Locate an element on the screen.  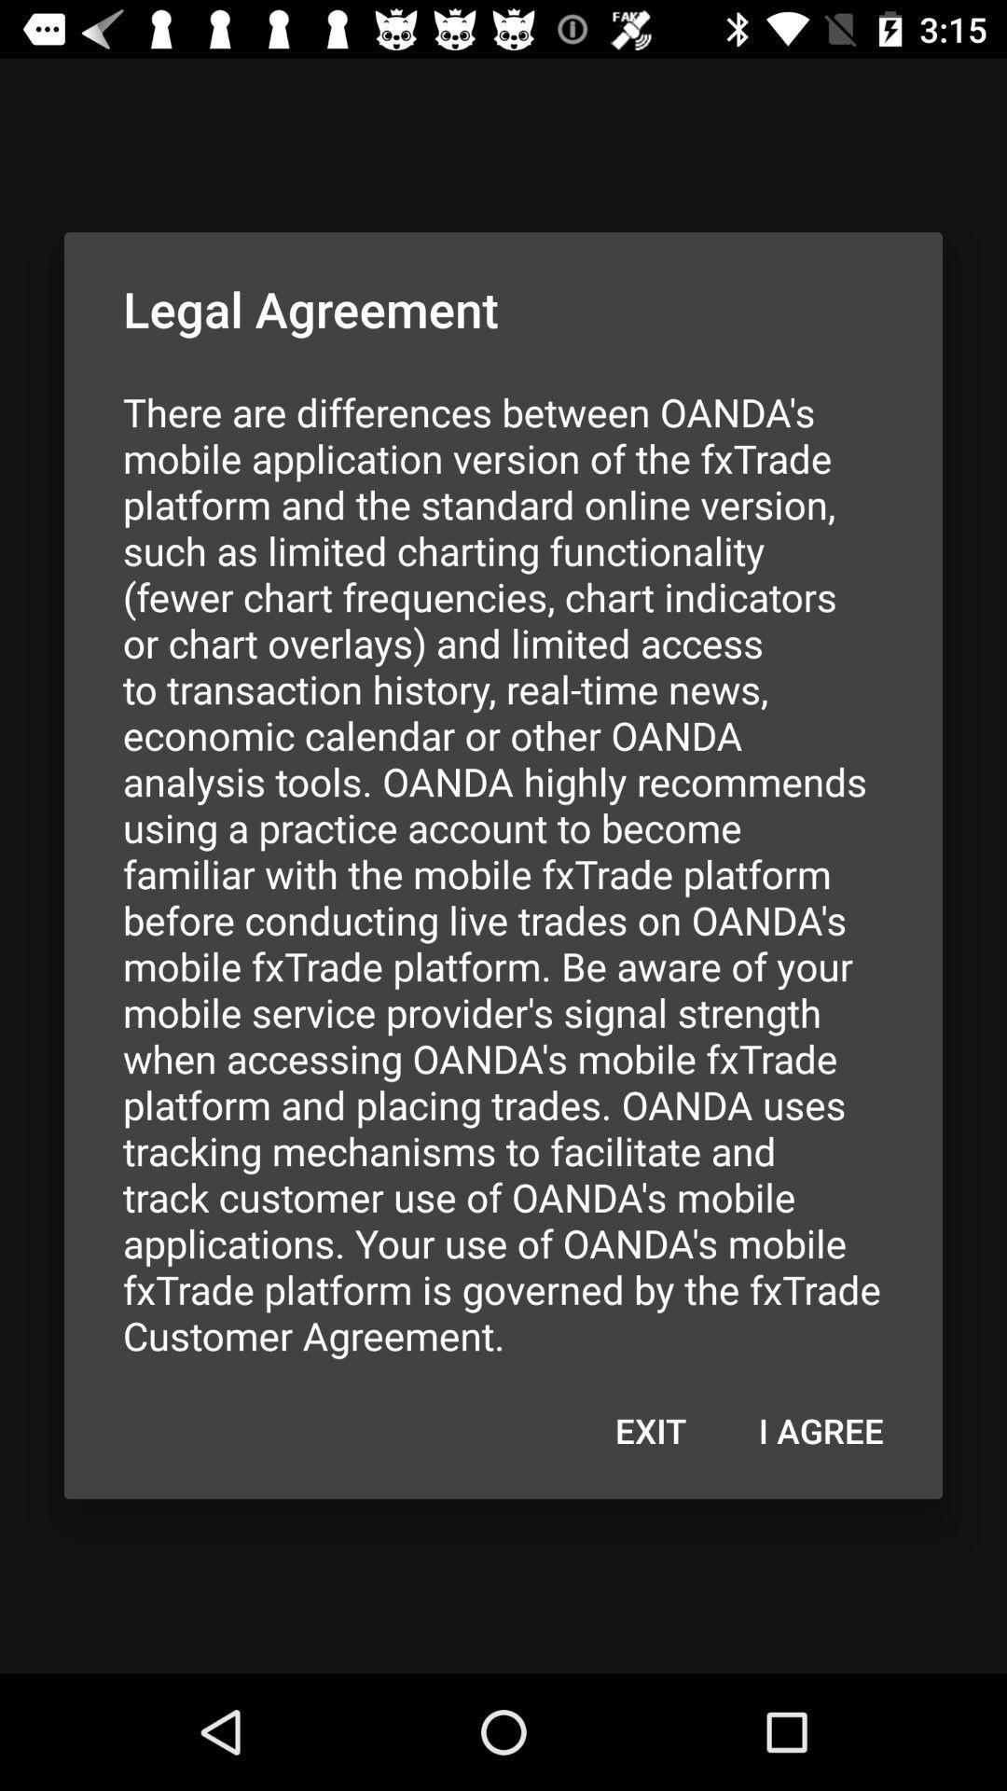
the icon next to exit button is located at coordinates (820, 1429).